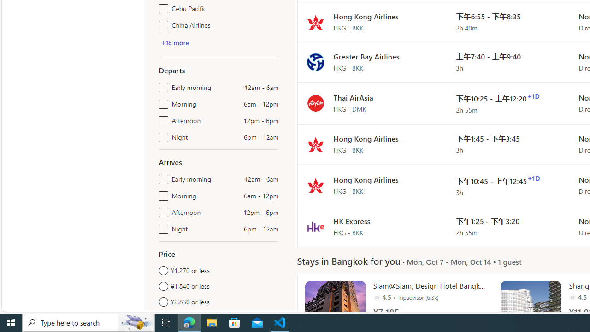 The image size is (590, 332). I want to click on 'Night6pm - 12am', so click(162, 227).